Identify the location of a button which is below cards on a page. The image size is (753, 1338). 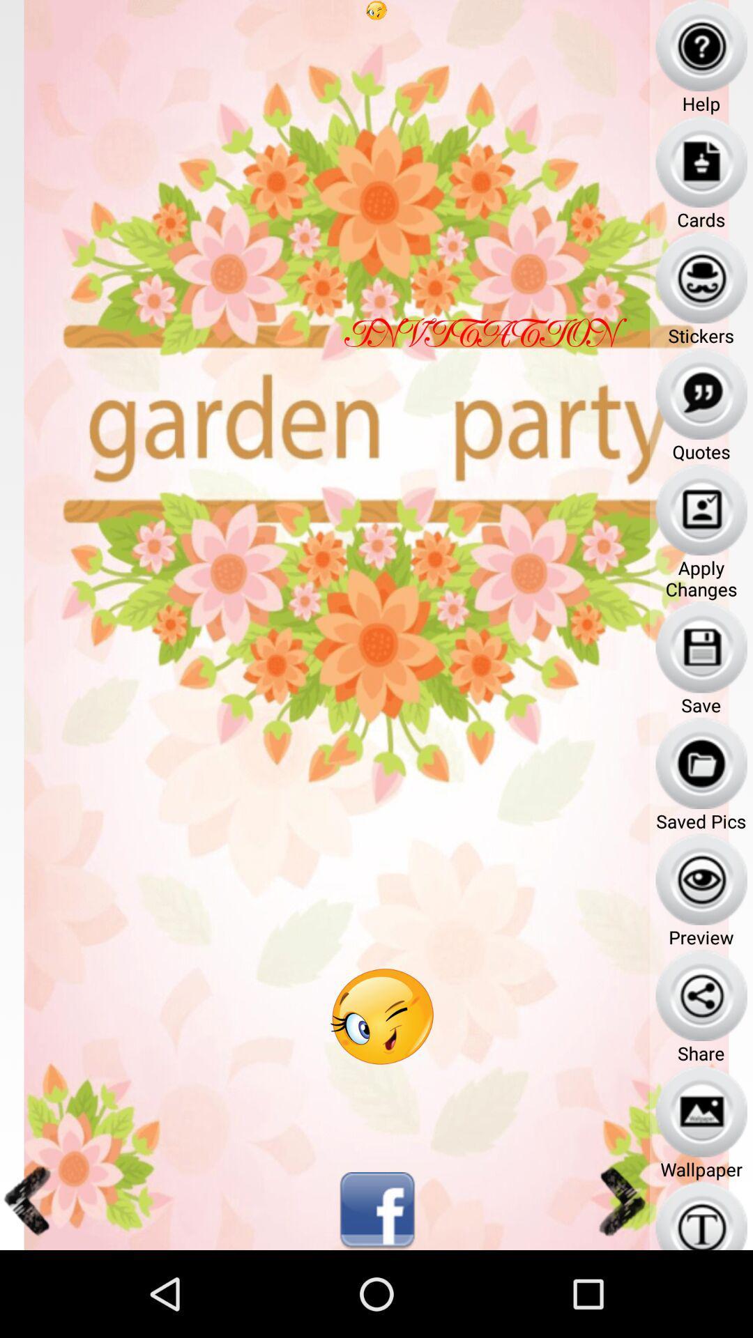
(701, 277).